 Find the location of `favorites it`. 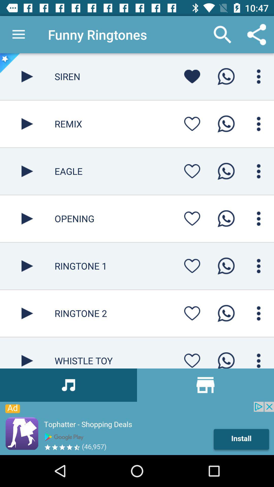

favorites it is located at coordinates (192, 124).